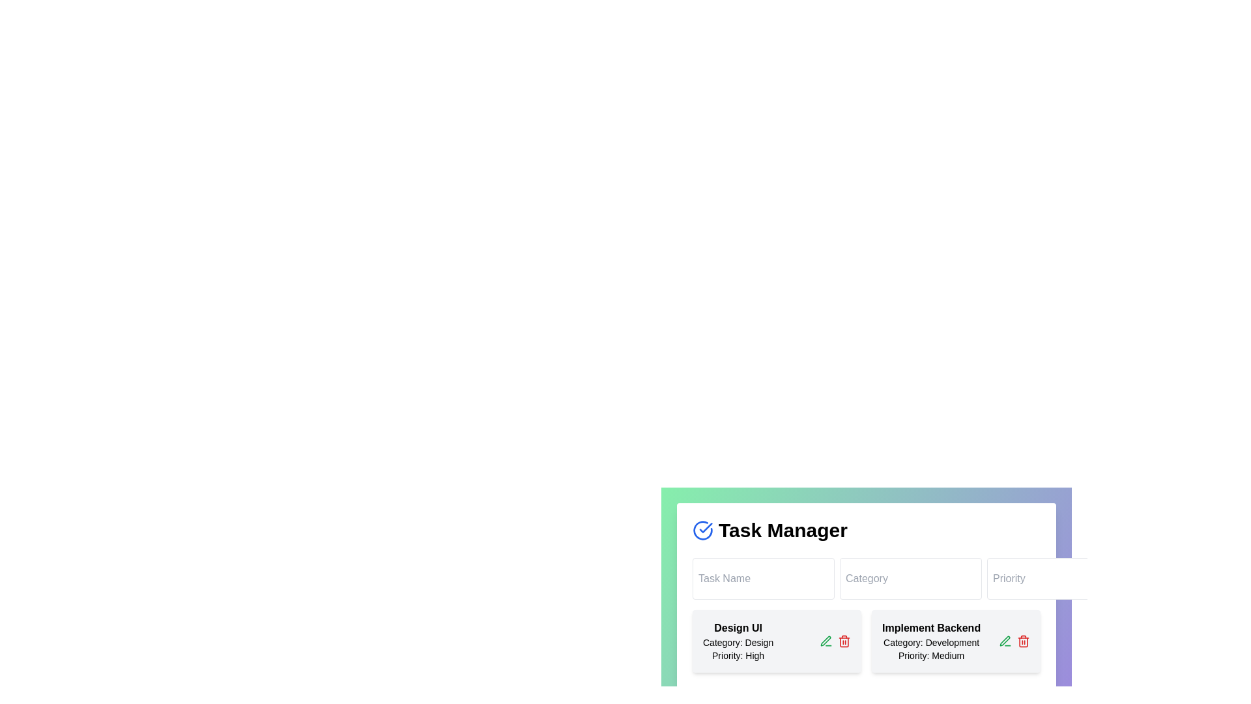 The image size is (1251, 704). I want to click on the green pen-shaped icon button located at the bottom right corner of the task card to activate its hover effects, so click(1004, 640).